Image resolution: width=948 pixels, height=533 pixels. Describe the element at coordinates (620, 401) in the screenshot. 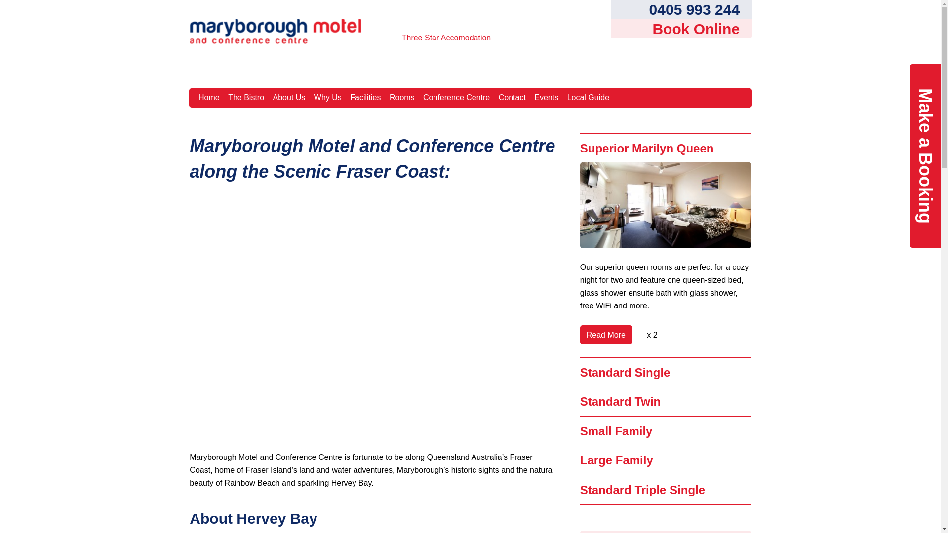

I see `'Standard Twin'` at that location.